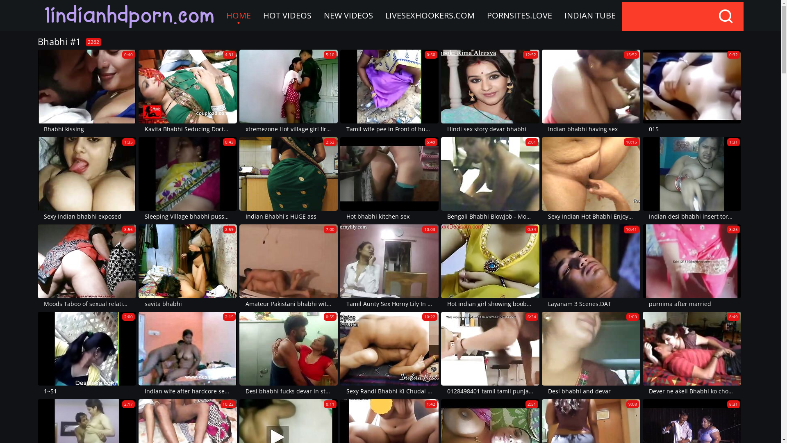  Describe the element at coordinates (519, 16) in the screenshot. I see `'PORNSITES.LOVE'` at that location.